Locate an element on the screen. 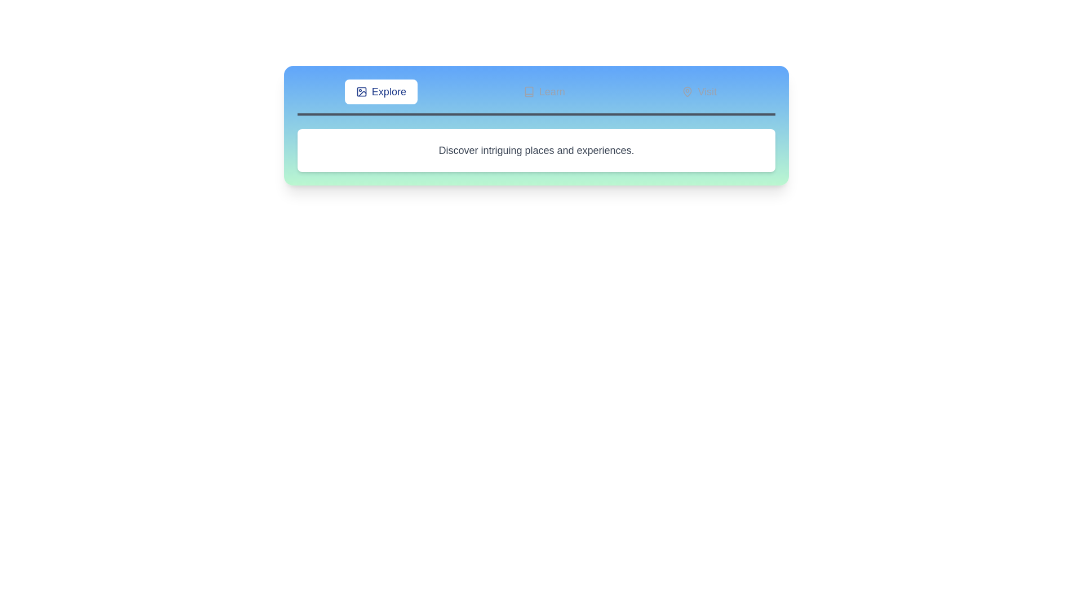 The image size is (1082, 609). the Navigation menu at the center point is located at coordinates (535, 97).